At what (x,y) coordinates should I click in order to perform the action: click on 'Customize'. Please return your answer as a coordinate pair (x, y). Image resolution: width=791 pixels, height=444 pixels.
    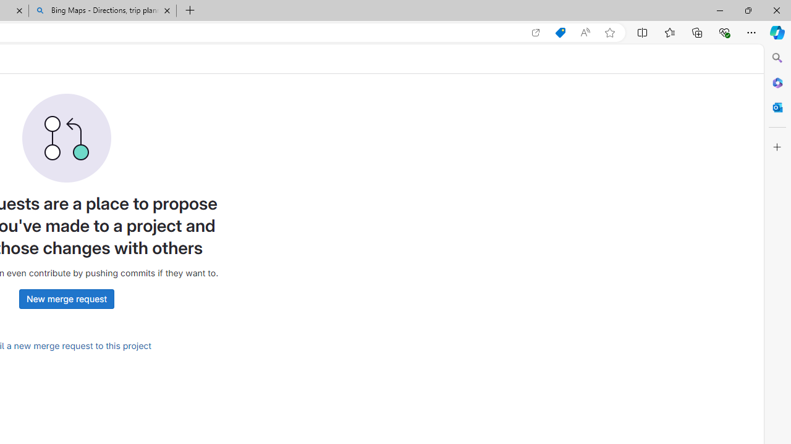
    Looking at the image, I should click on (777, 147).